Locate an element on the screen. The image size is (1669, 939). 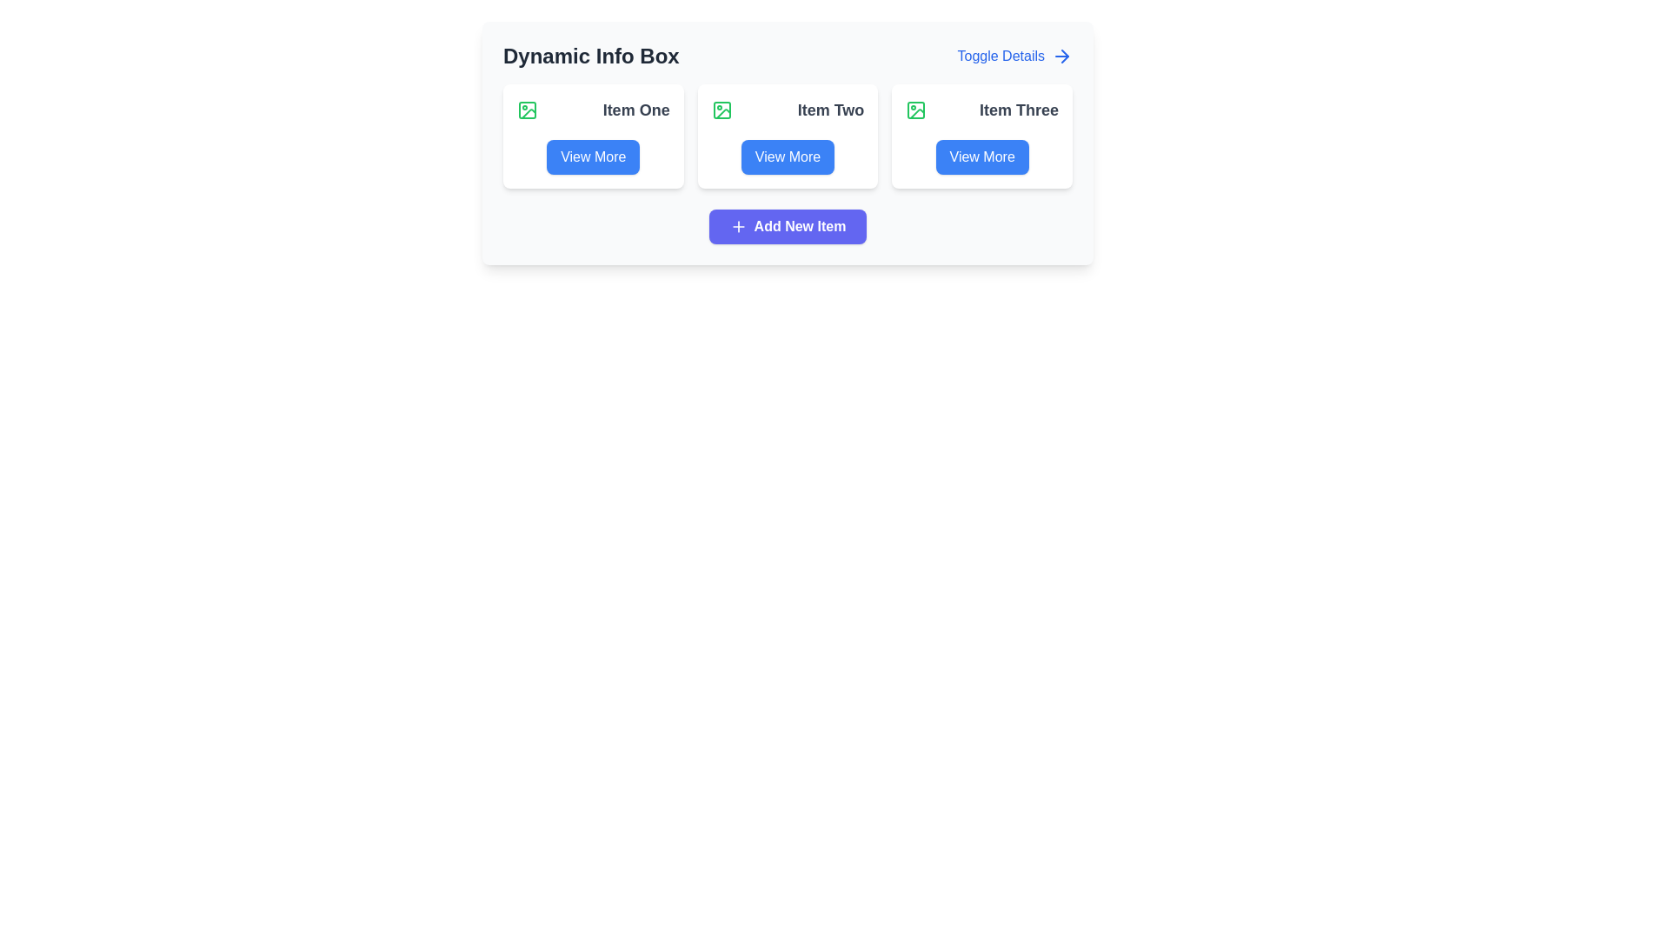
the plus icon embedded within the 'Add New Item' button for visual feedback is located at coordinates (738, 226).